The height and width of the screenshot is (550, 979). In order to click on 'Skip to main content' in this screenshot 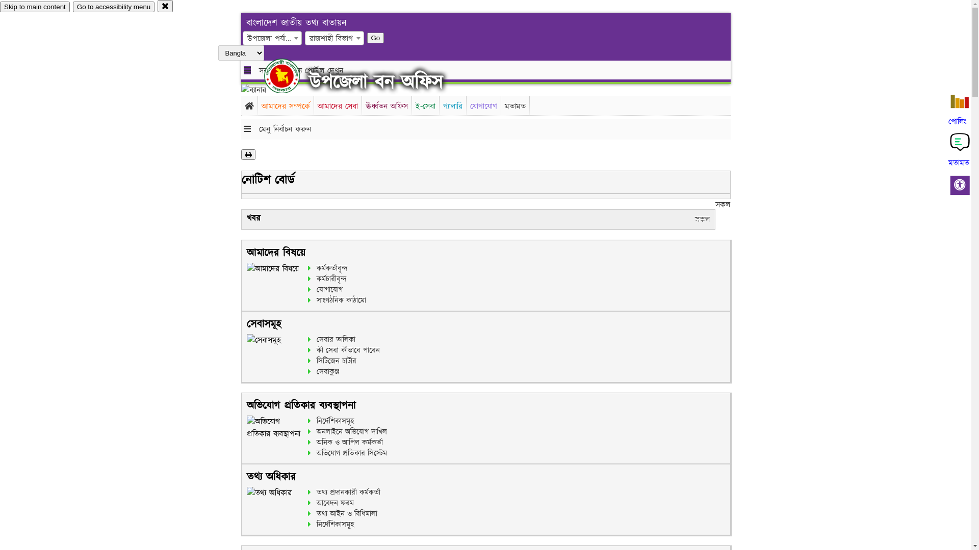, I will do `click(0, 7)`.